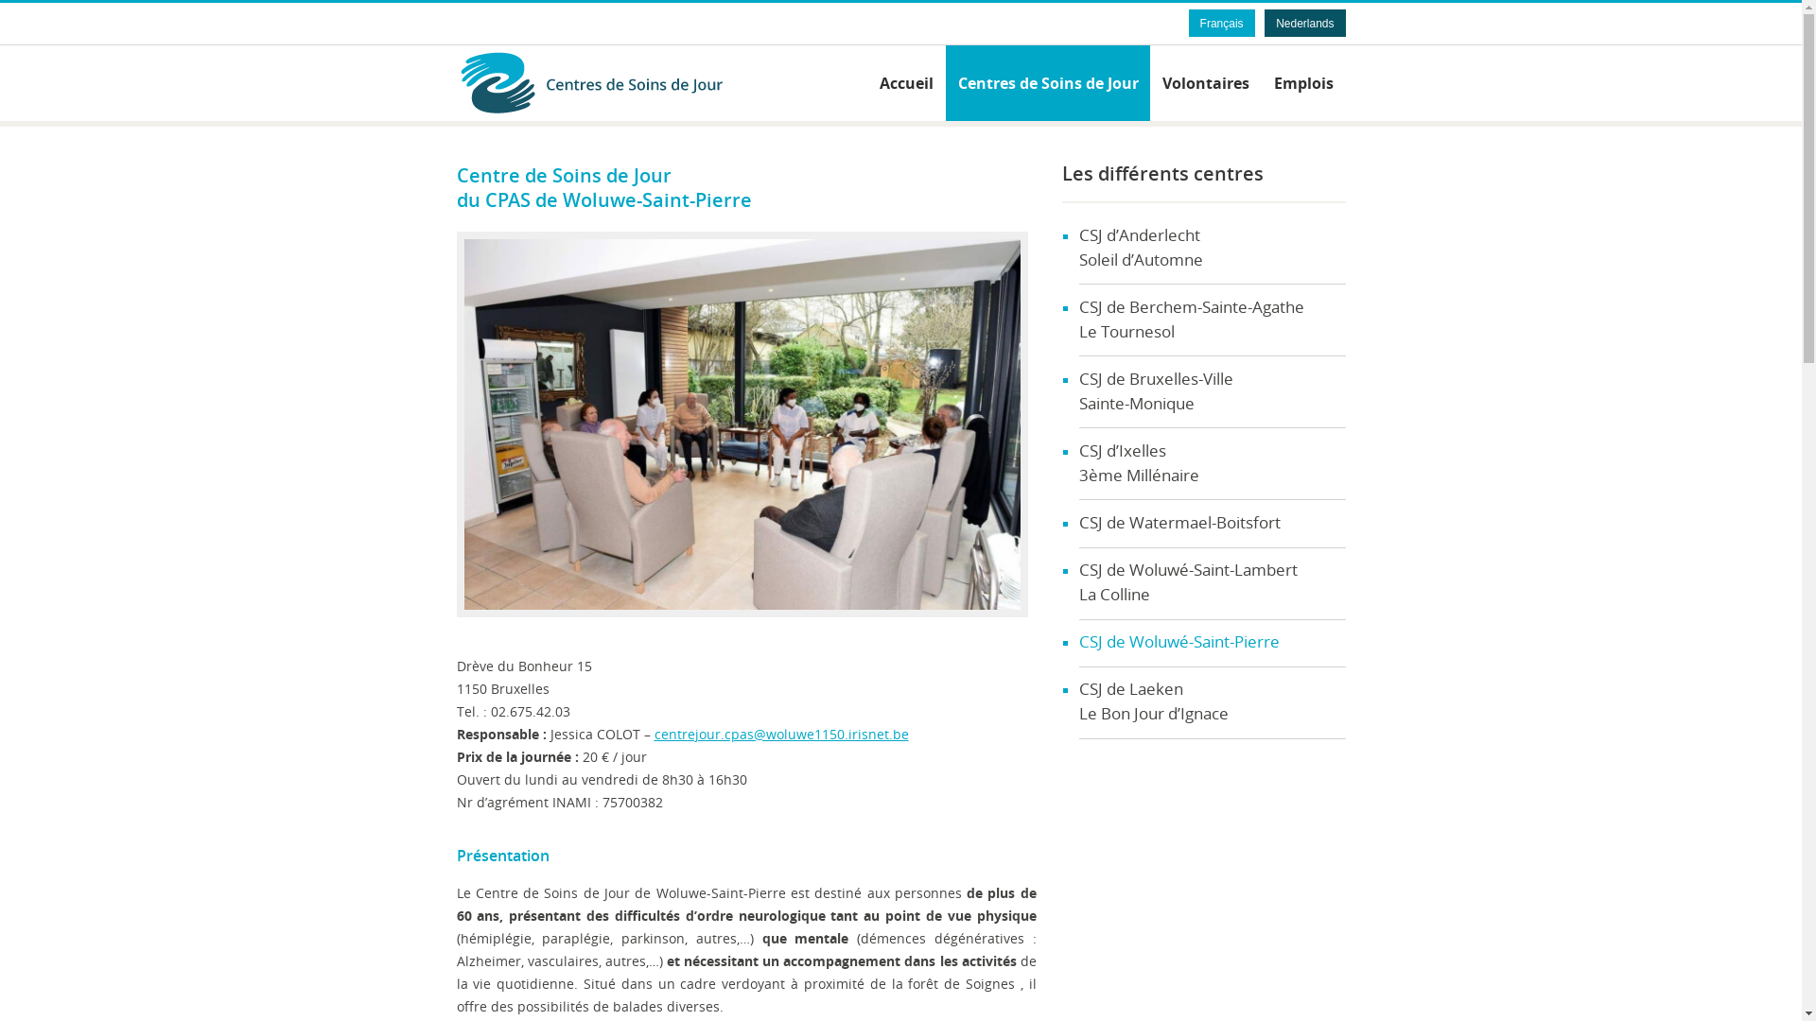  Describe the element at coordinates (1078, 524) in the screenshot. I see `'CSJ de Watermael-Boitsfort'` at that location.